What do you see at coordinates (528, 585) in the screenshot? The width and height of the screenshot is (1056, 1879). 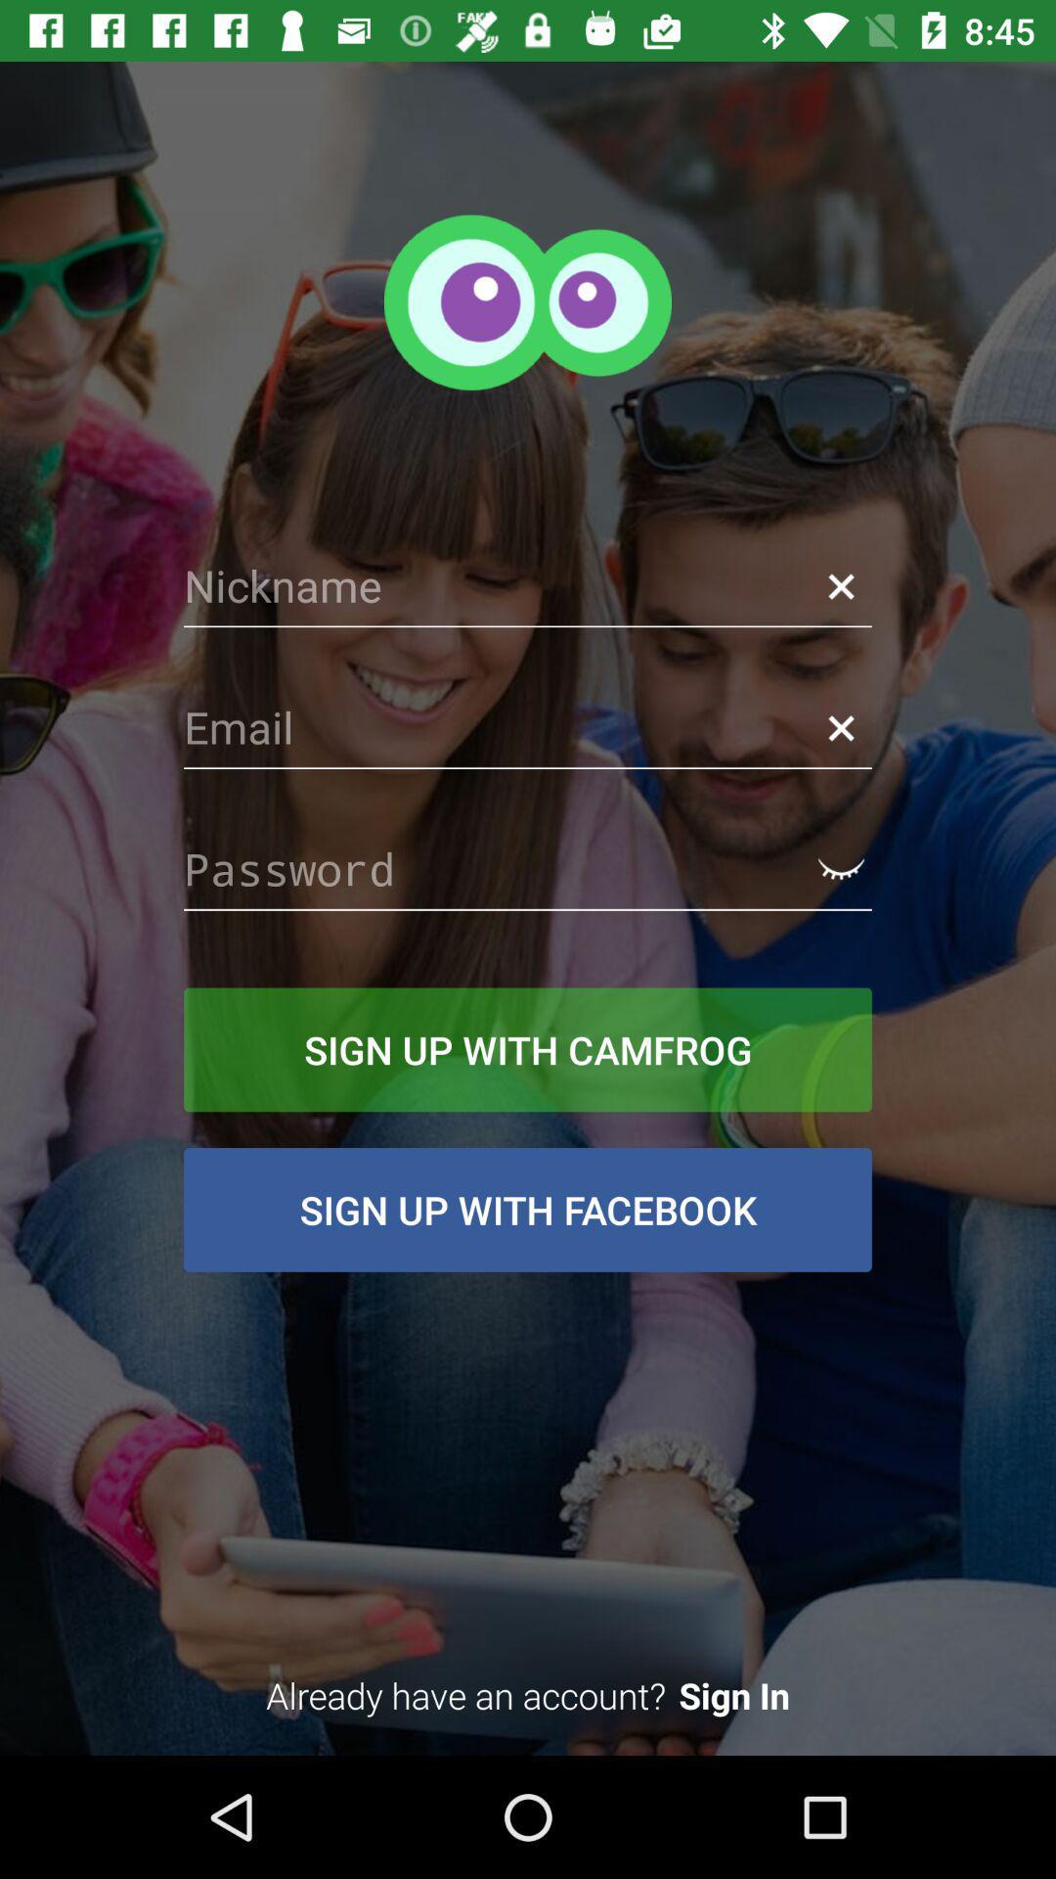 I see `nickname` at bounding box center [528, 585].